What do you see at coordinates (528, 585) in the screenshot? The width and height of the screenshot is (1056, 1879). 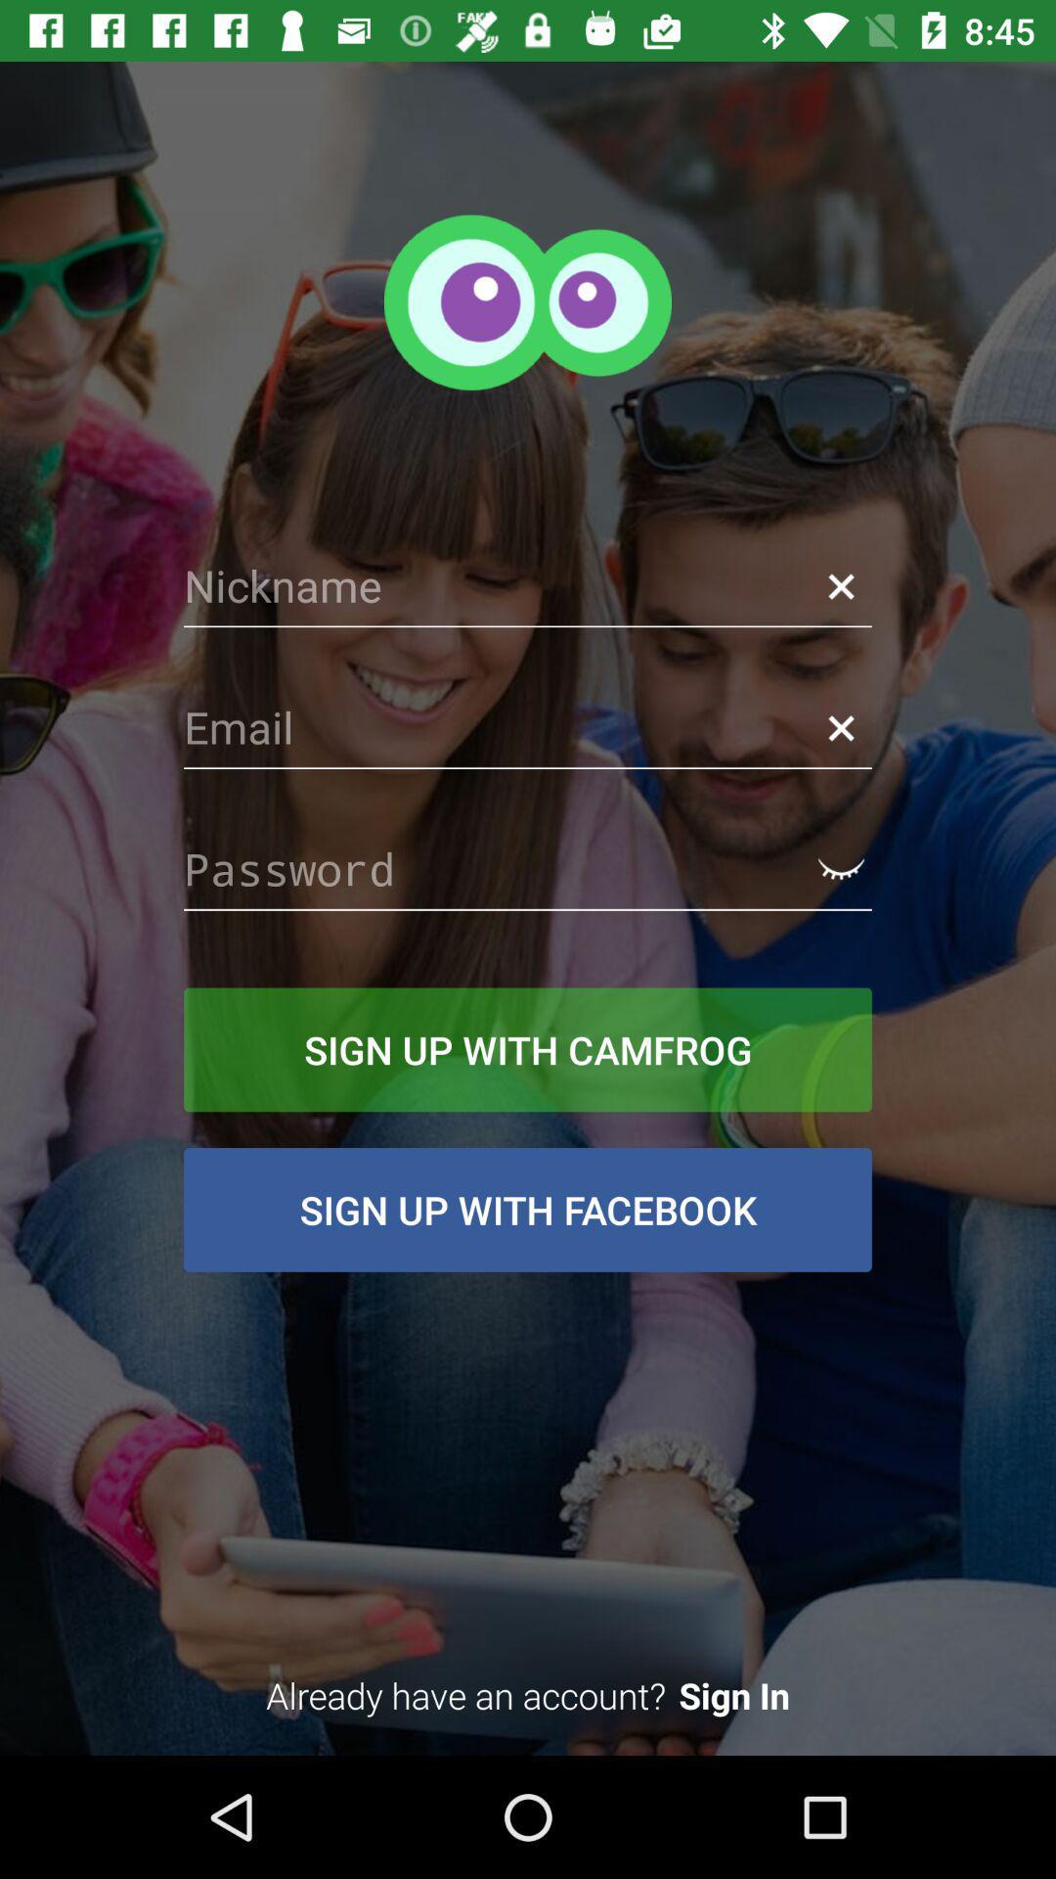 I see `nickname` at bounding box center [528, 585].